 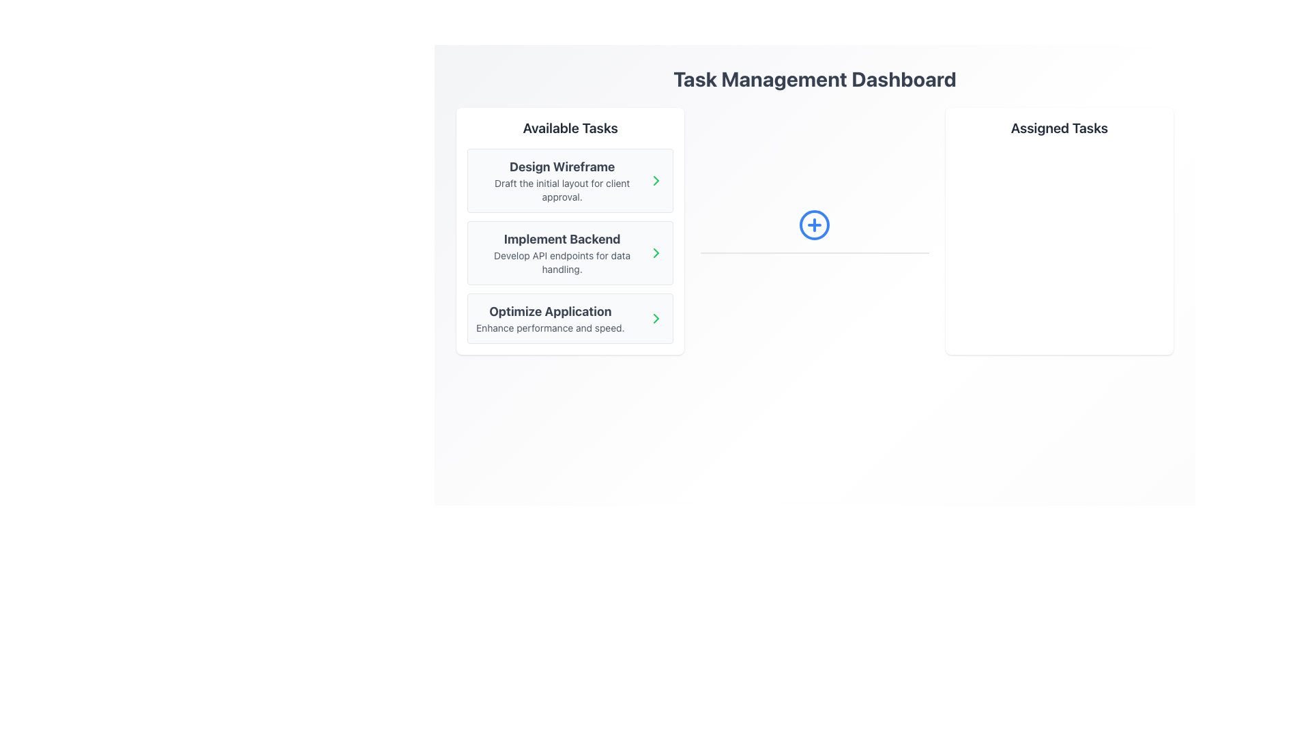 I want to click on the Text Label located at the top of the right-side card, which serves as a header for the section below it, so click(x=1058, y=128).